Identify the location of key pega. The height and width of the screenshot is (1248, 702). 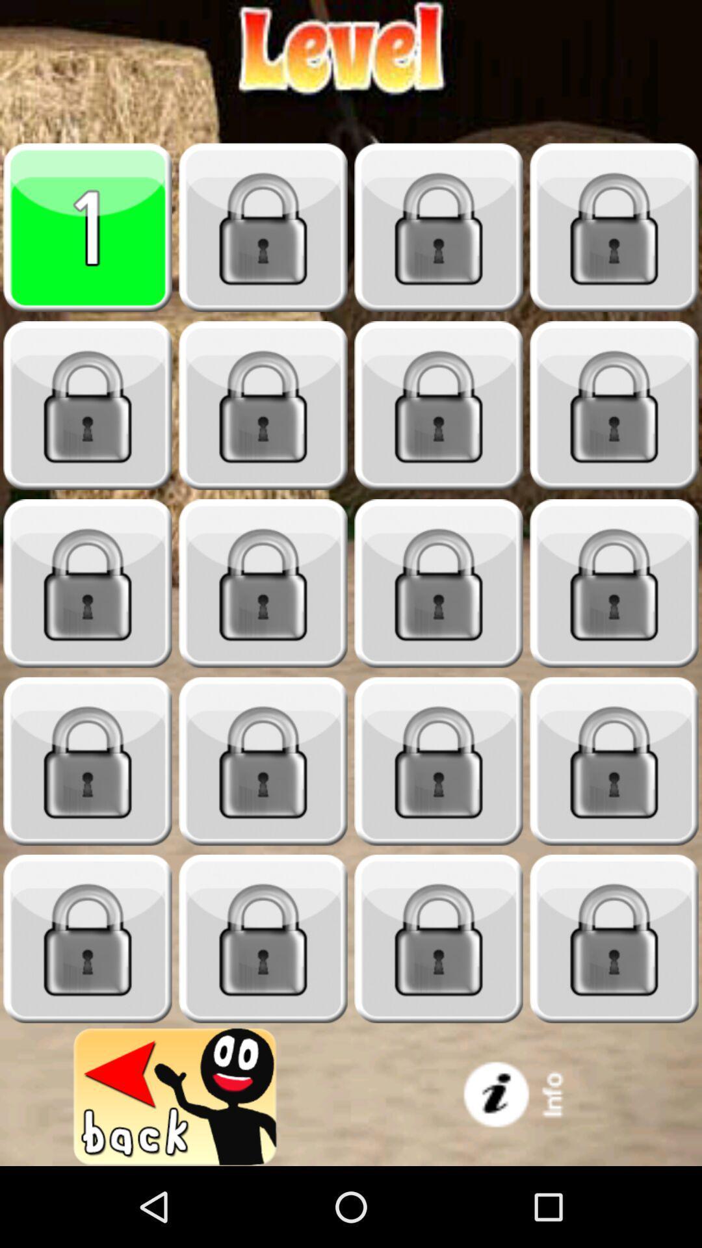
(88, 583).